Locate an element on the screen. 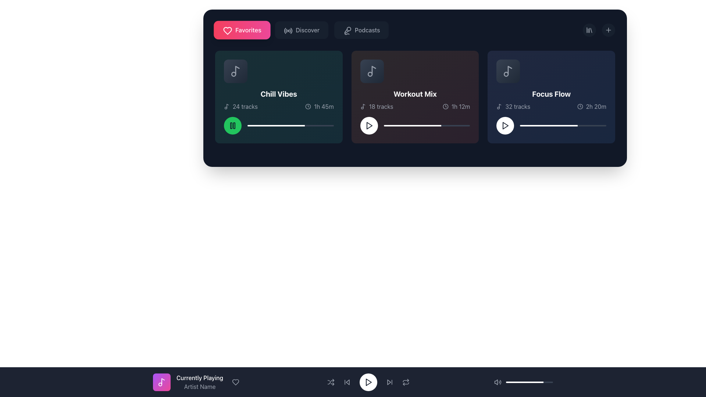  the playback icon within the 'Focus Flow' card section is located at coordinates (505, 125).